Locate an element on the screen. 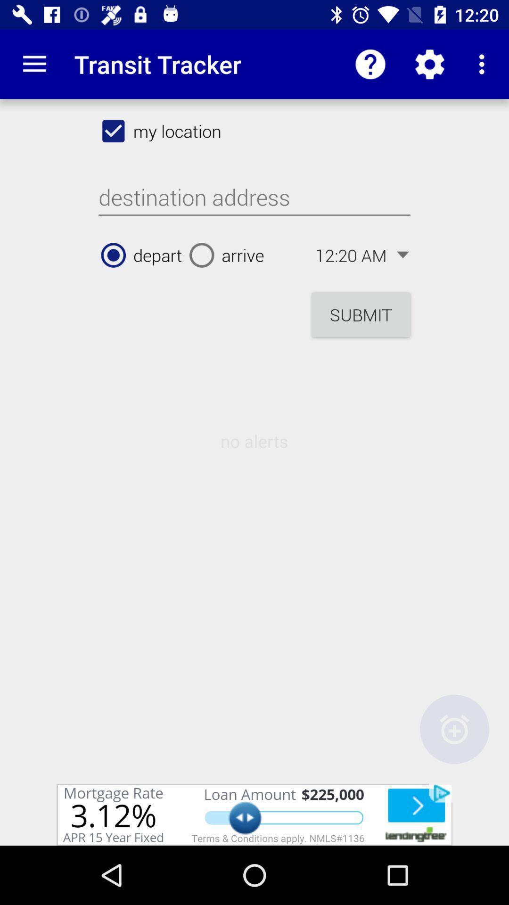  destination address is located at coordinates (254, 197).